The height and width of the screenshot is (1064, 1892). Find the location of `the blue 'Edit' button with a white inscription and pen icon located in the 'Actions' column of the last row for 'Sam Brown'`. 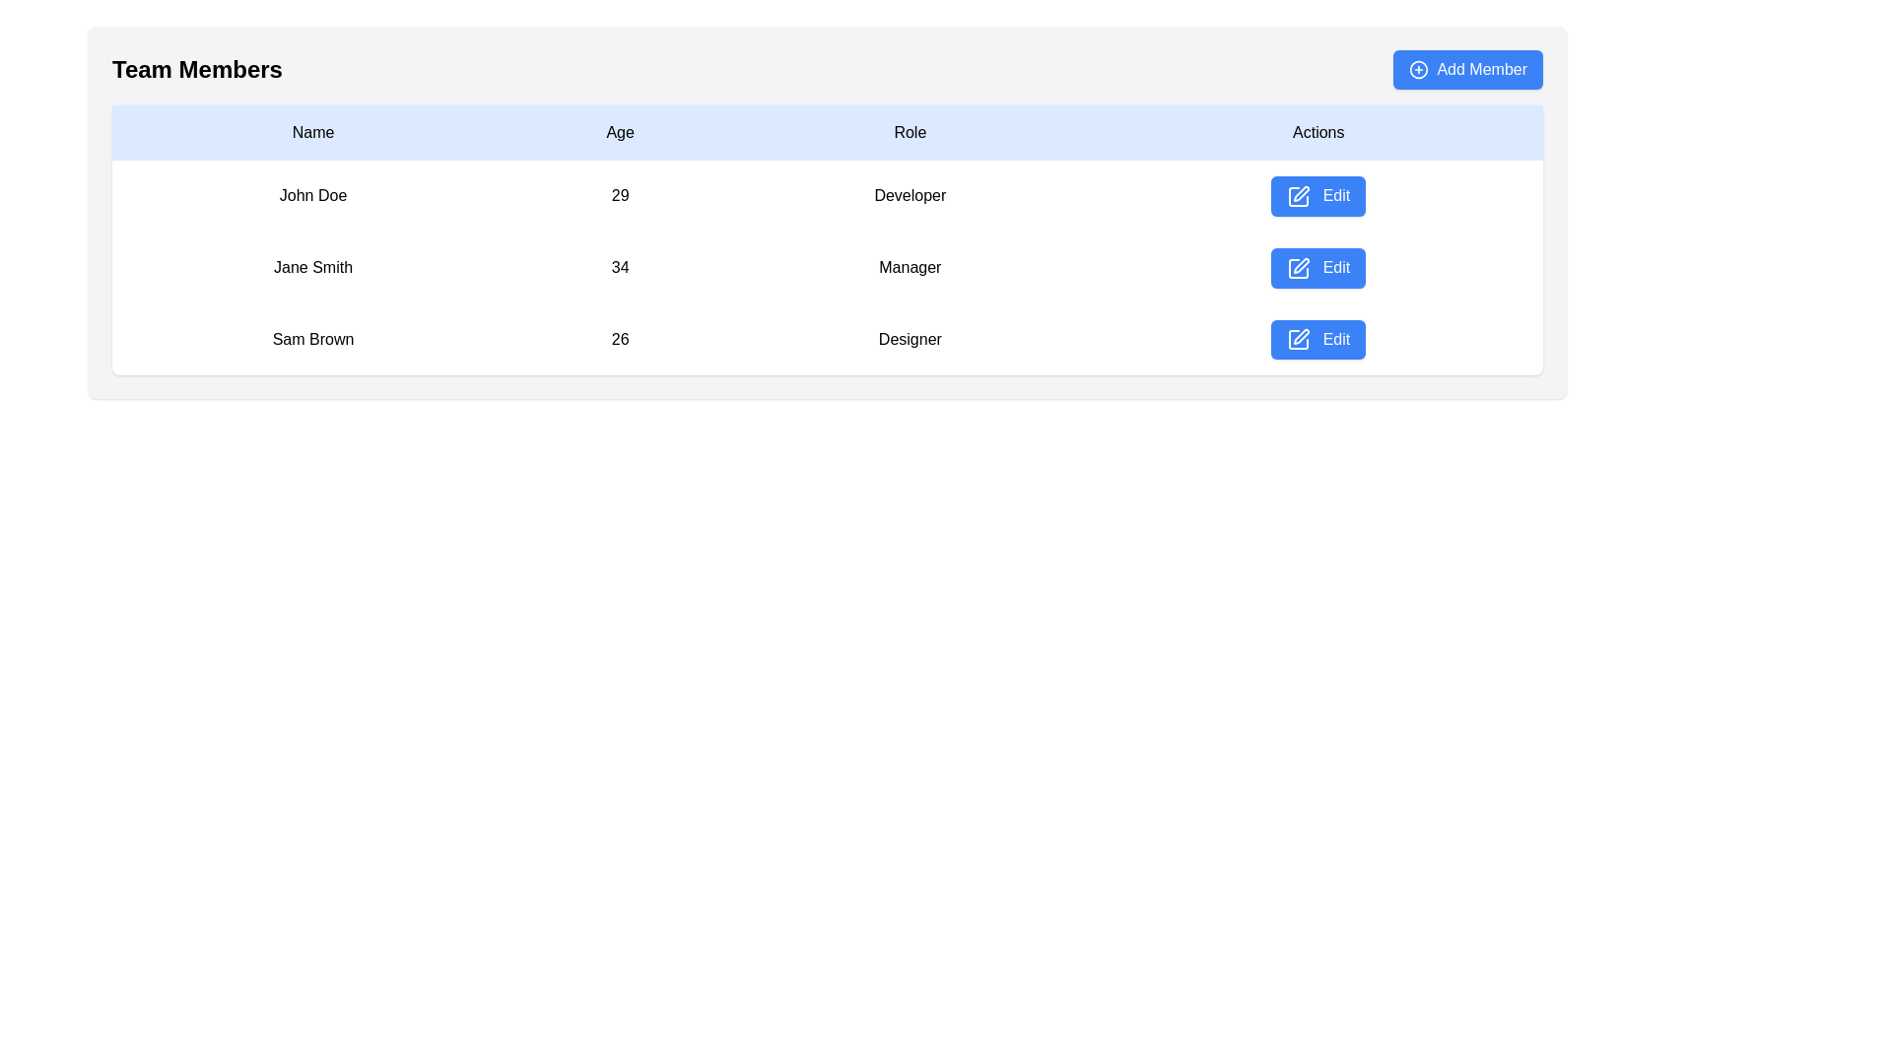

the blue 'Edit' button with a white inscription and pen icon located in the 'Actions' column of the last row for 'Sam Brown' is located at coordinates (1318, 338).